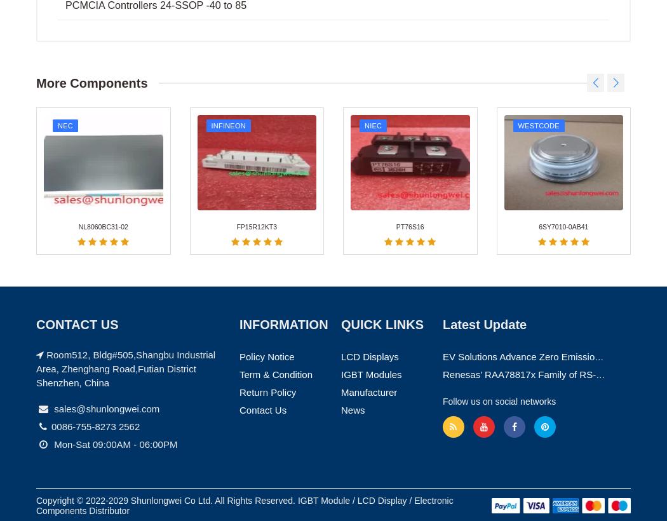 This screenshot has height=521, width=667. What do you see at coordinates (382, 52) in the screenshot?
I see `'QUICK LINKS'` at bounding box center [382, 52].